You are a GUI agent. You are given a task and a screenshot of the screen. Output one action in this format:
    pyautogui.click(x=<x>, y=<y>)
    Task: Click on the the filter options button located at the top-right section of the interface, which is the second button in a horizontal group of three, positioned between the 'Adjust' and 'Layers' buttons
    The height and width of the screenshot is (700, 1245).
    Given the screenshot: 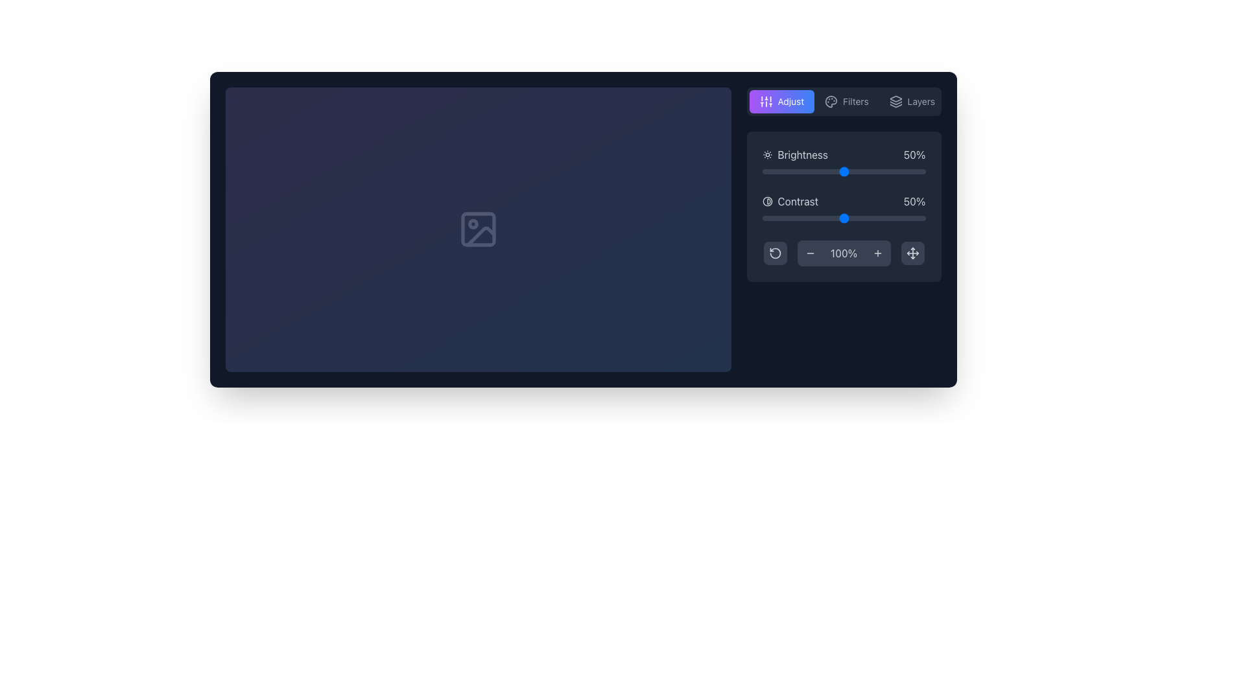 What is the action you would take?
    pyautogui.click(x=846, y=101)
    